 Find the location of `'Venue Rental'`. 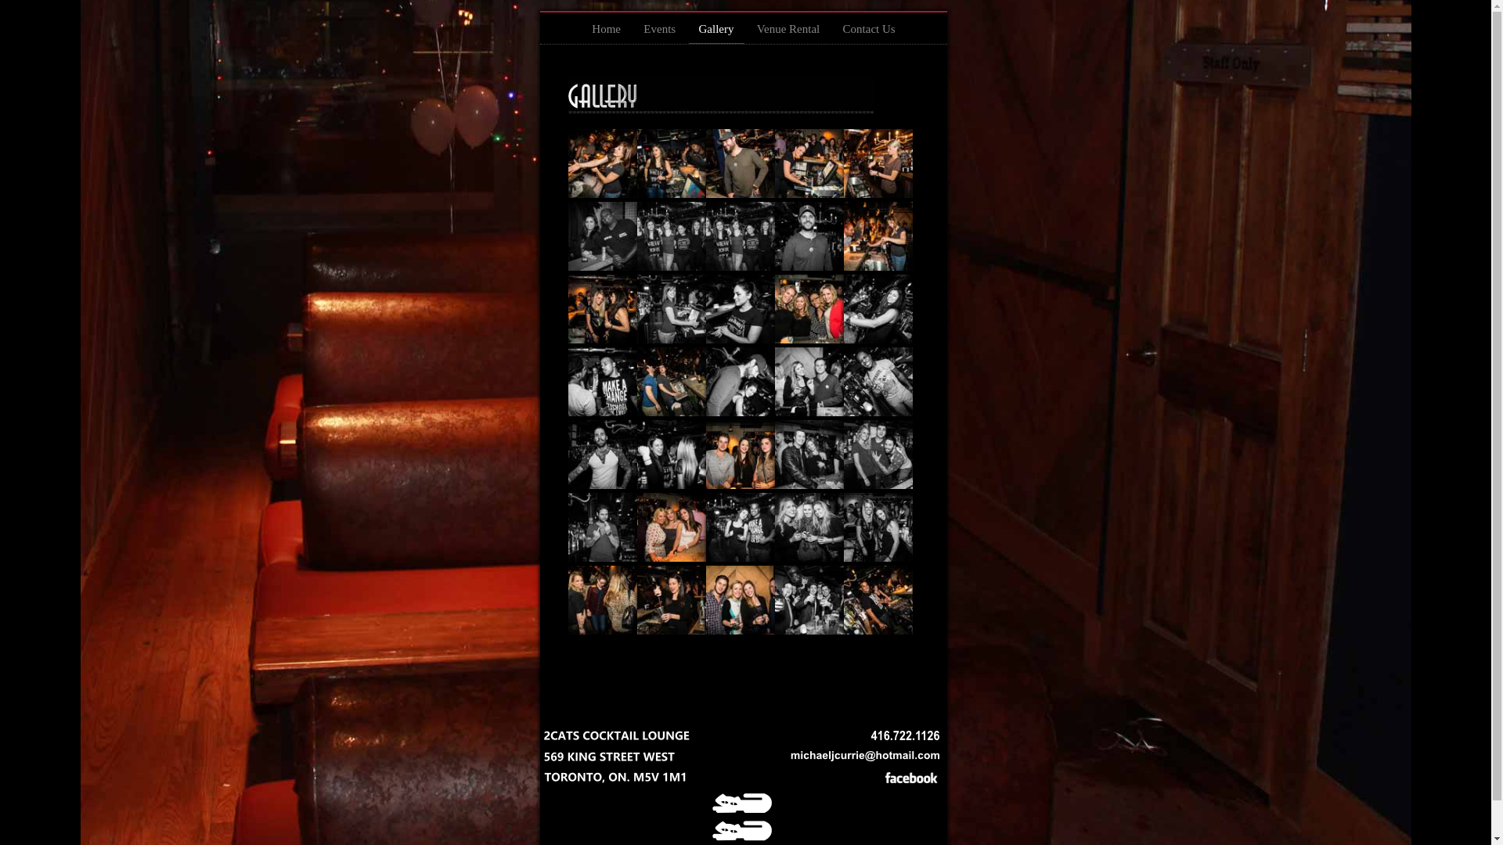

'Venue Rental' is located at coordinates (788, 33).